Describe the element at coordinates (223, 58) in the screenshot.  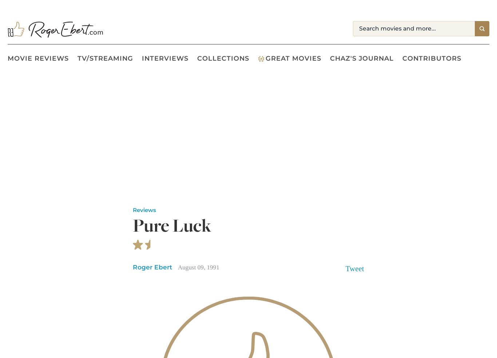
I see `'Collections'` at that location.